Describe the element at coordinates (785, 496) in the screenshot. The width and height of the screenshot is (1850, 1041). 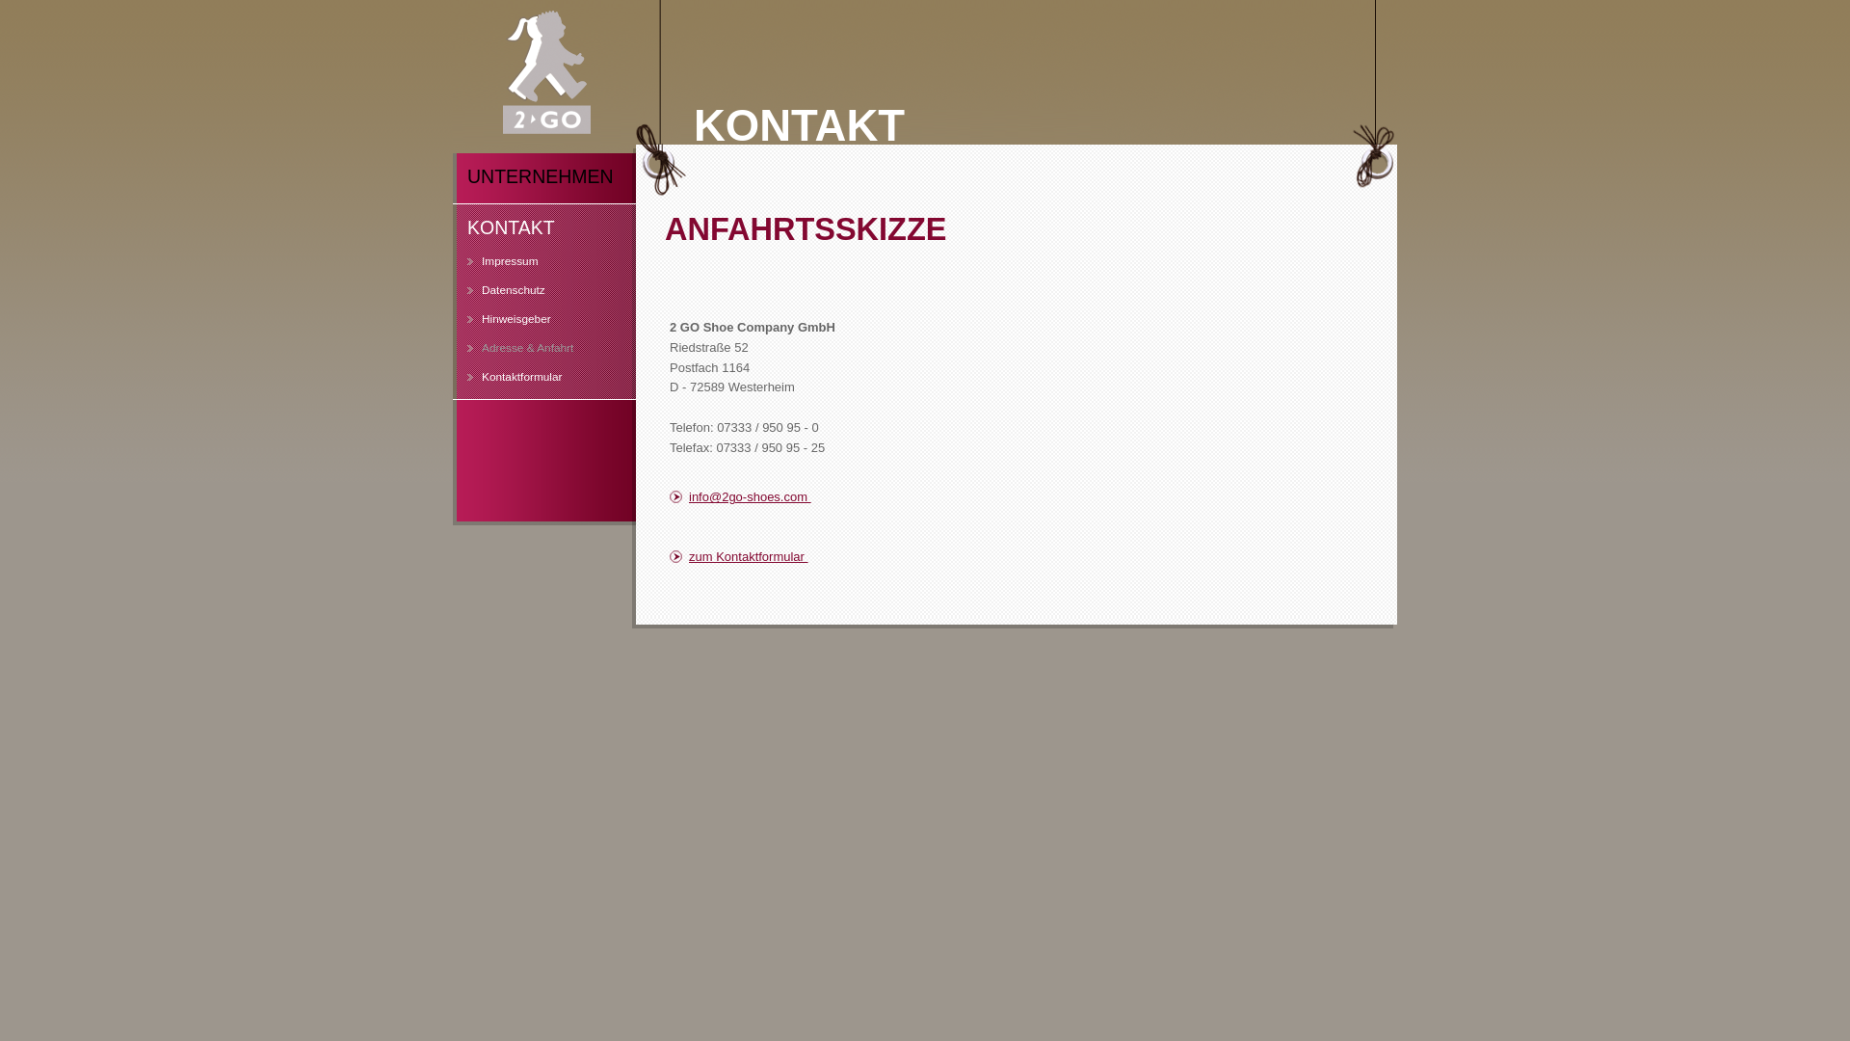
I see `'info@2go-shoes.com '` at that location.